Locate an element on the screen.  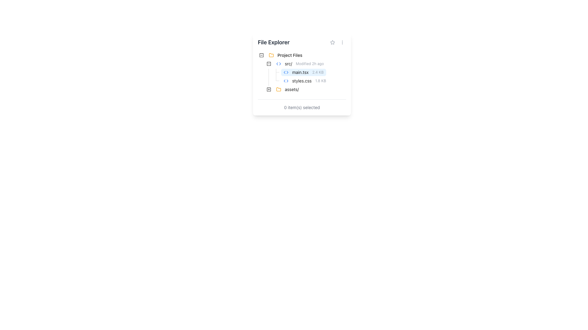
the minus sign button located to the left of the 'Project Files' label in the file explorer is located at coordinates (262, 55).